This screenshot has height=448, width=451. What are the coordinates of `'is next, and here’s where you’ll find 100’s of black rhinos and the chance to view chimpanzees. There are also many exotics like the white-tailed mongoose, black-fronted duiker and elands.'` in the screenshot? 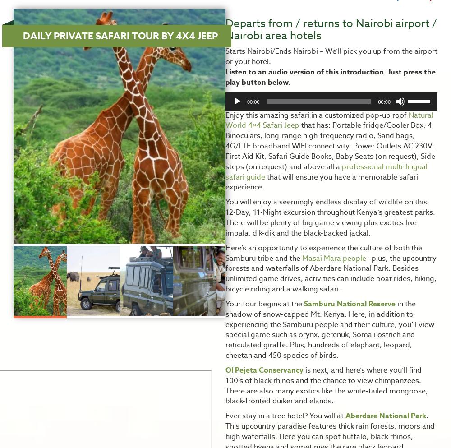 It's located at (225, 385).